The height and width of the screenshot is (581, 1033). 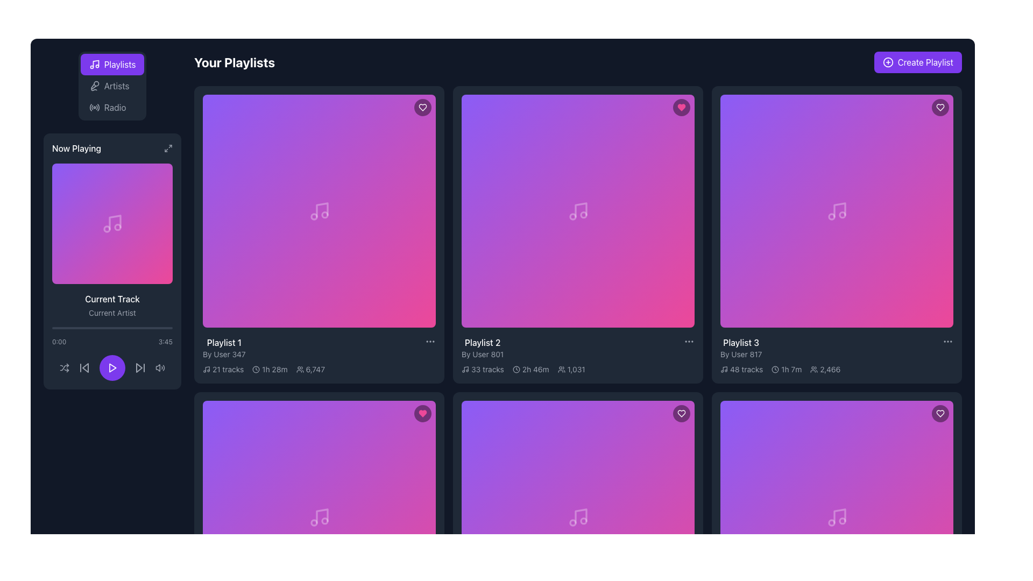 What do you see at coordinates (487, 369) in the screenshot?
I see `text label indicating the number of tracks available in 'Playlist 2', which is located below the playlist image box and to the right of the musical note icon` at bounding box center [487, 369].